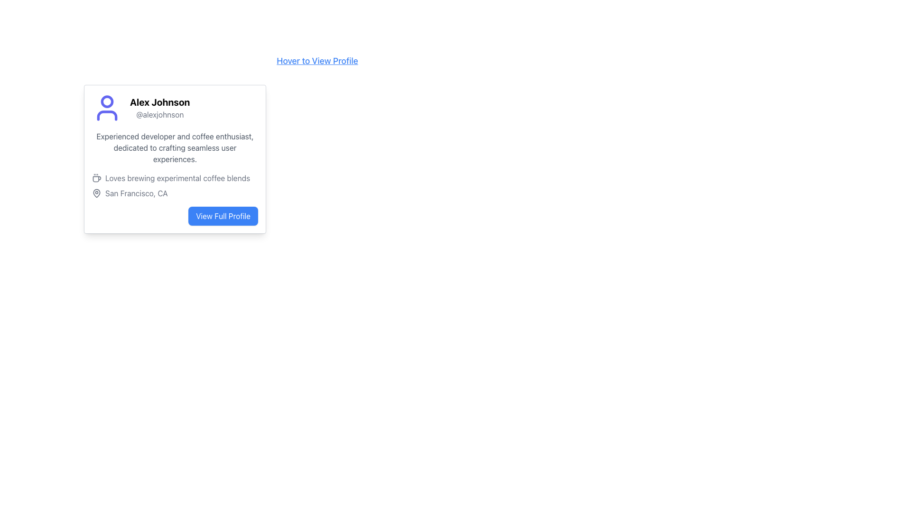 The height and width of the screenshot is (512, 911). What do you see at coordinates (107, 101) in the screenshot?
I see `the SVG Circle Element with a purple border located in the top left corner of the user's profile card, which is part of the user avatar representation` at bounding box center [107, 101].